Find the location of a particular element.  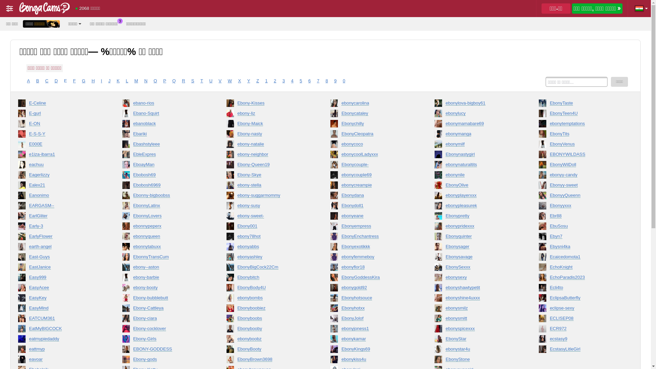

'EbonyBody4U' is located at coordinates (269, 289).